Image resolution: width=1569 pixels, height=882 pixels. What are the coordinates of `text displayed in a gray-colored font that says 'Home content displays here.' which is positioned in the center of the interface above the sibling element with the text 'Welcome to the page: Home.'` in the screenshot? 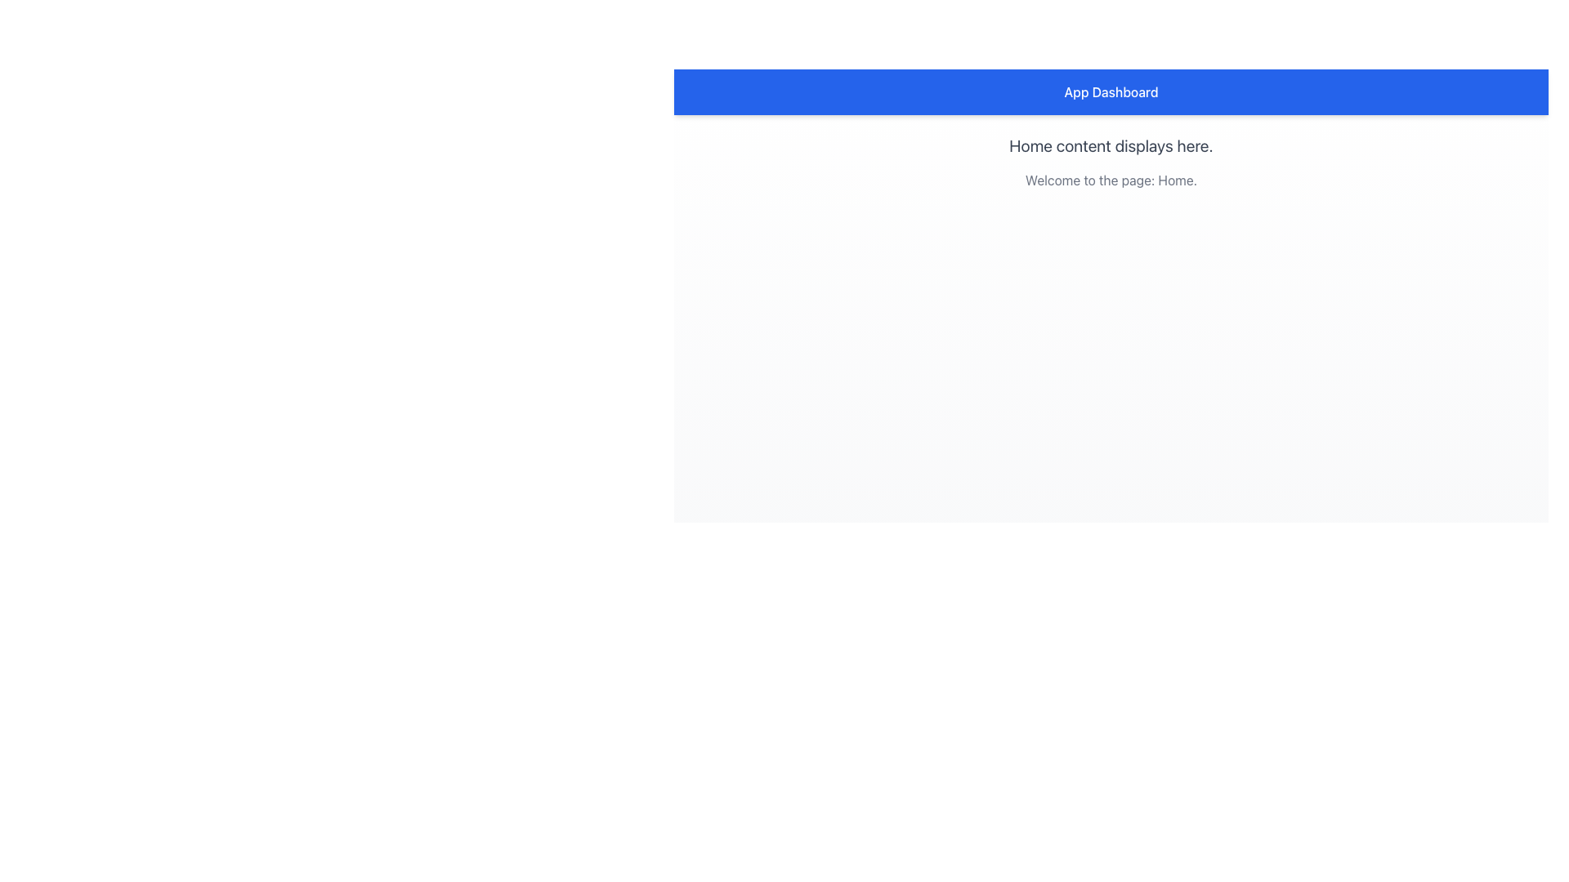 It's located at (1111, 145).